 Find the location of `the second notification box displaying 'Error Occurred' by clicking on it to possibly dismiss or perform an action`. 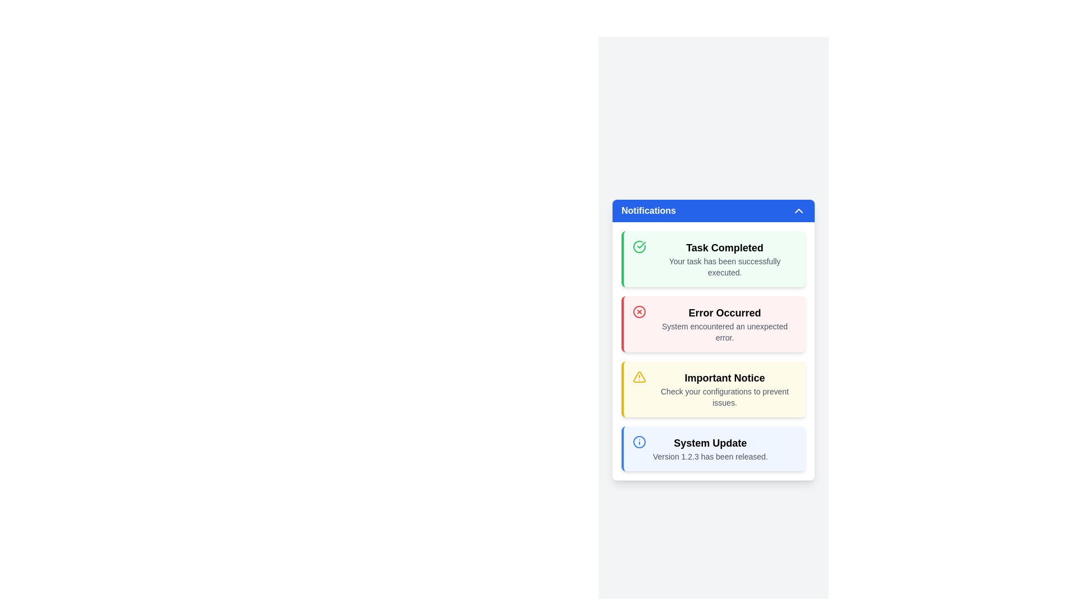

the second notification box displaying 'Error Occurred' by clicking on it to possibly dismiss or perform an action is located at coordinates (713, 324).